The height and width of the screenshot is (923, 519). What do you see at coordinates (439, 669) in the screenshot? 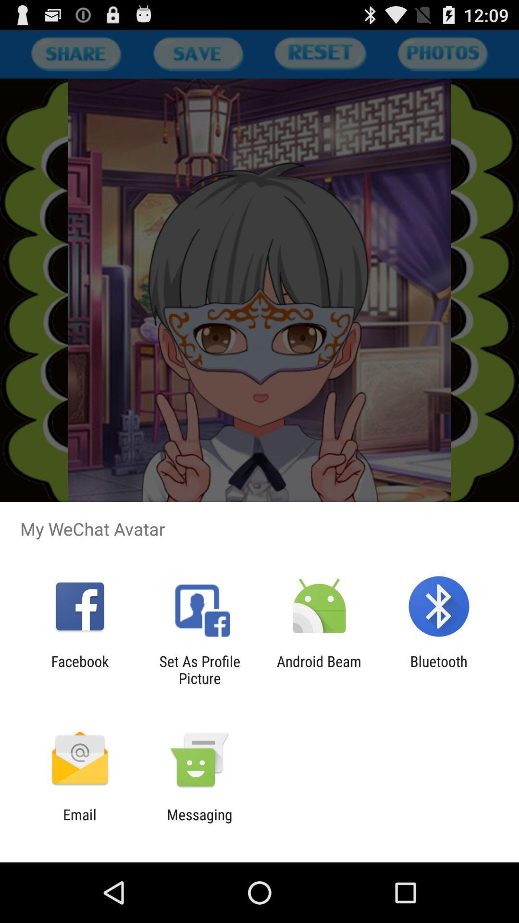
I see `app to the right of android beam item` at bounding box center [439, 669].